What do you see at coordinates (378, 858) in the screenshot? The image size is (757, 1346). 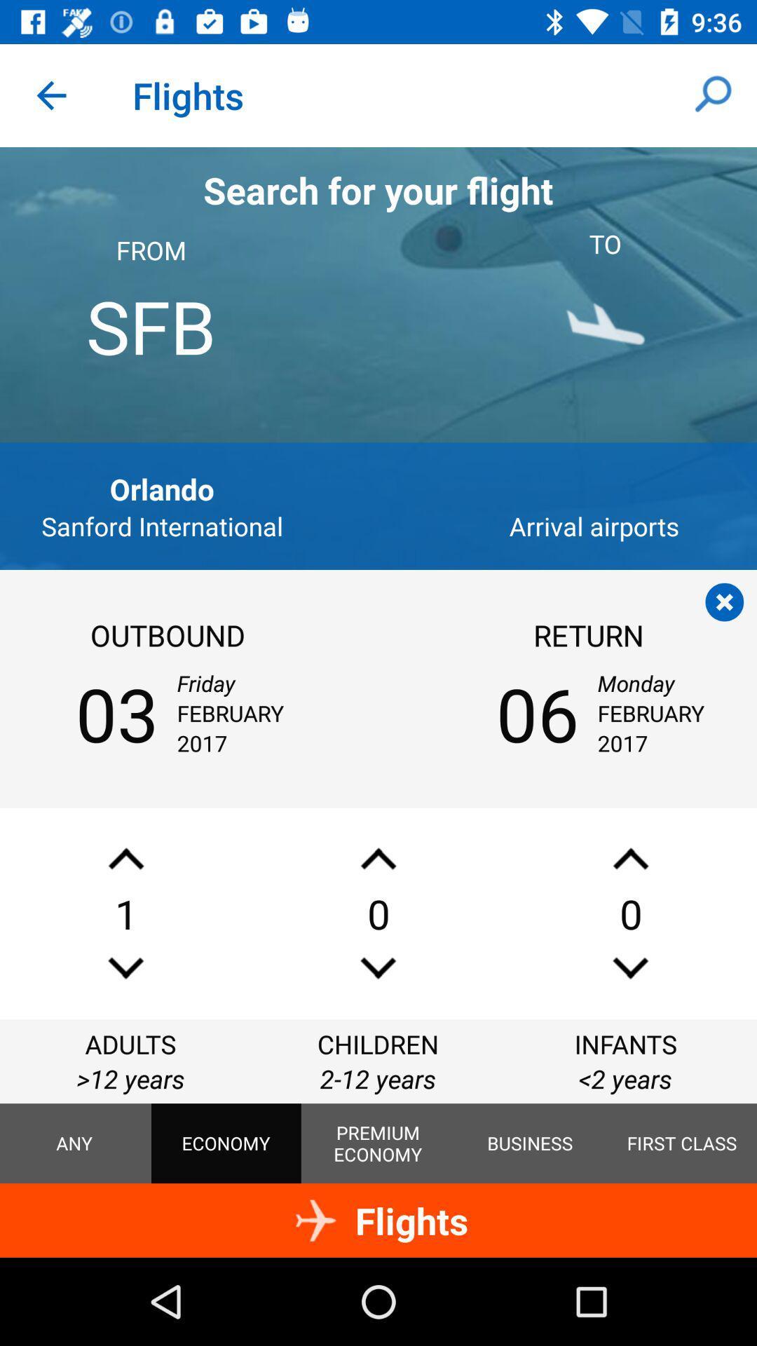 I see `children` at bounding box center [378, 858].